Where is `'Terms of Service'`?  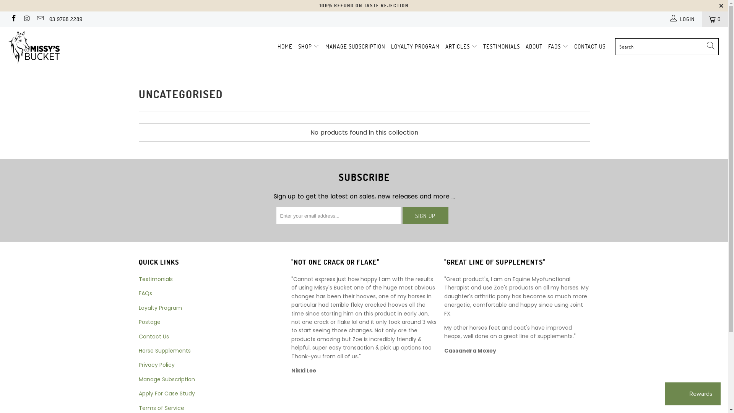
'Terms of Service' is located at coordinates (161, 408).